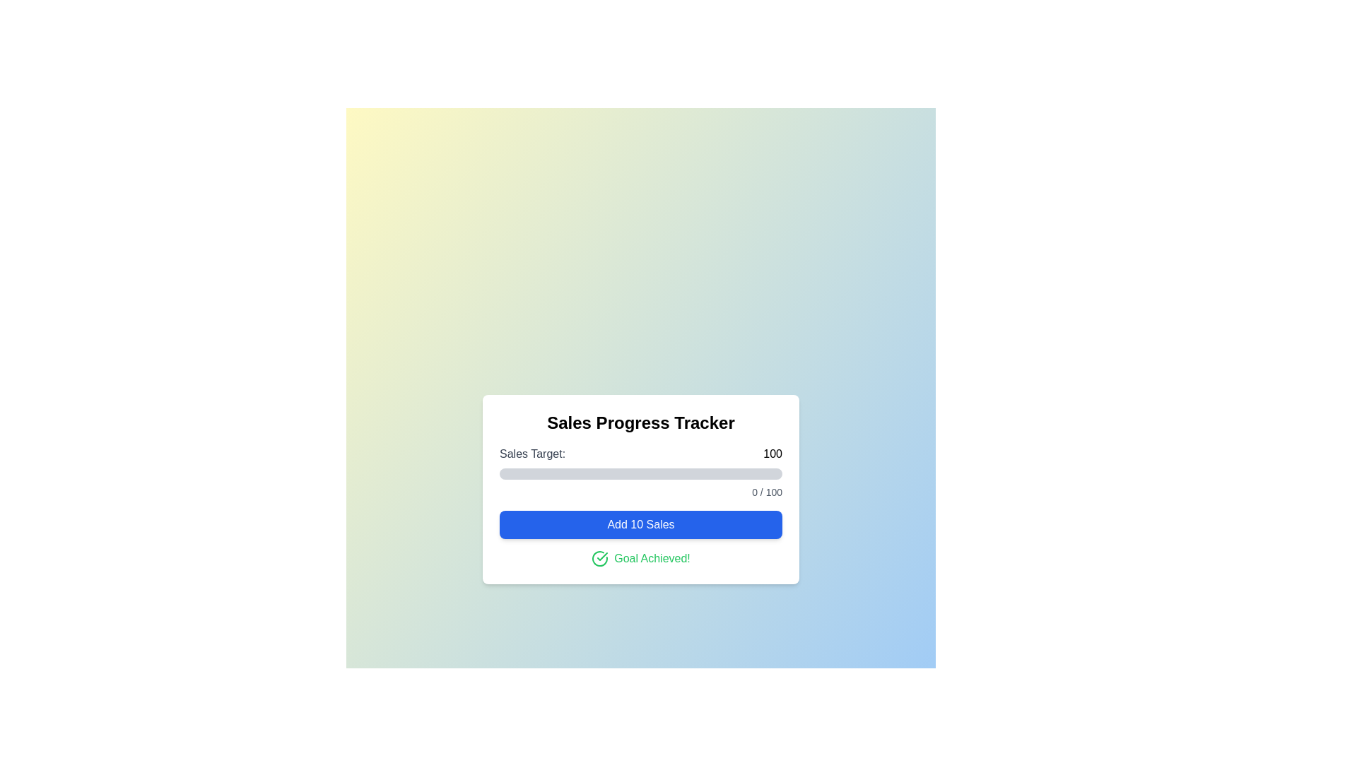  Describe the element at coordinates (531, 454) in the screenshot. I see `the text label reading 'Sales Target:' which is styled in gray font and located on the upper left side of the 'Sales Progress Tracker' card` at that location.